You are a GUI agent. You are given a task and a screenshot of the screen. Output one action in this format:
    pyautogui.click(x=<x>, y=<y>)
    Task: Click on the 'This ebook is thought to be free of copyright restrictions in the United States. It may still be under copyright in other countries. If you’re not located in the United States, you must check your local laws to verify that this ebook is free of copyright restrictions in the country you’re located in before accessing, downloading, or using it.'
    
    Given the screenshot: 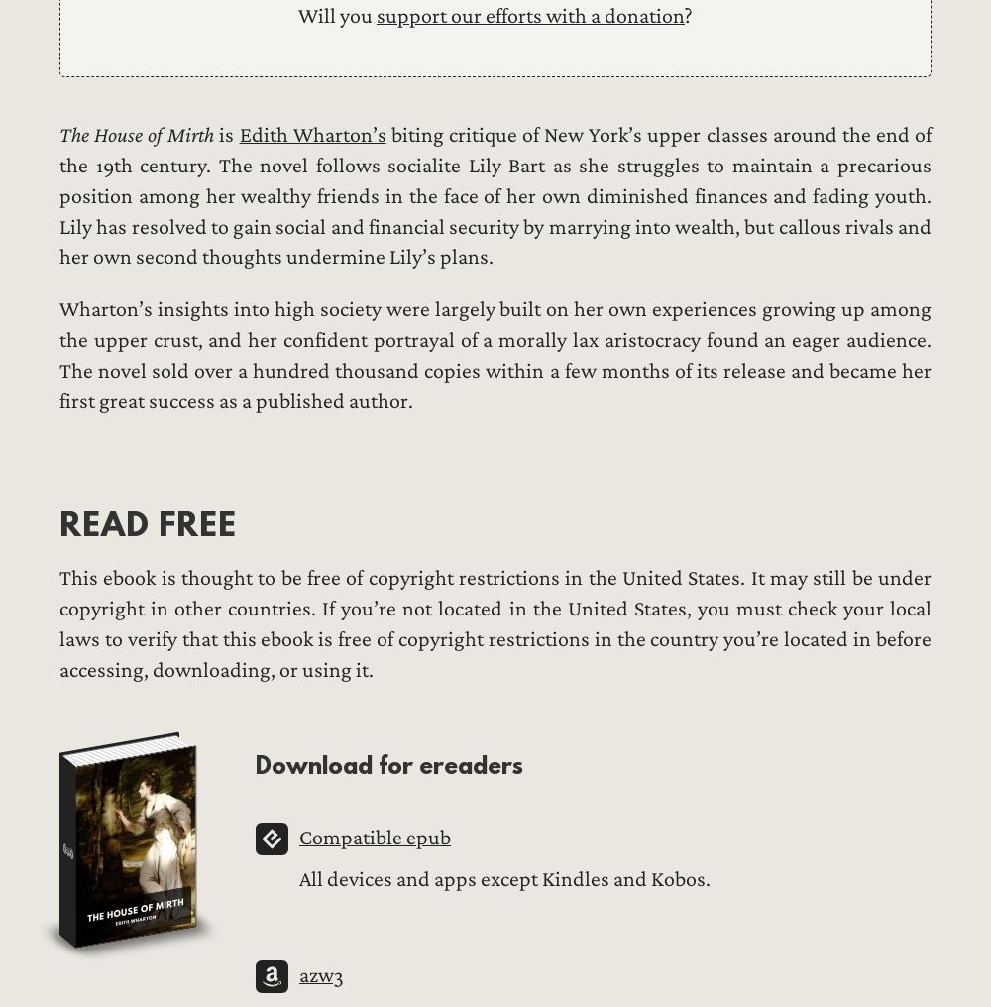 What is the action you would take?
    pyautogui.click(x=495, y=624)
    